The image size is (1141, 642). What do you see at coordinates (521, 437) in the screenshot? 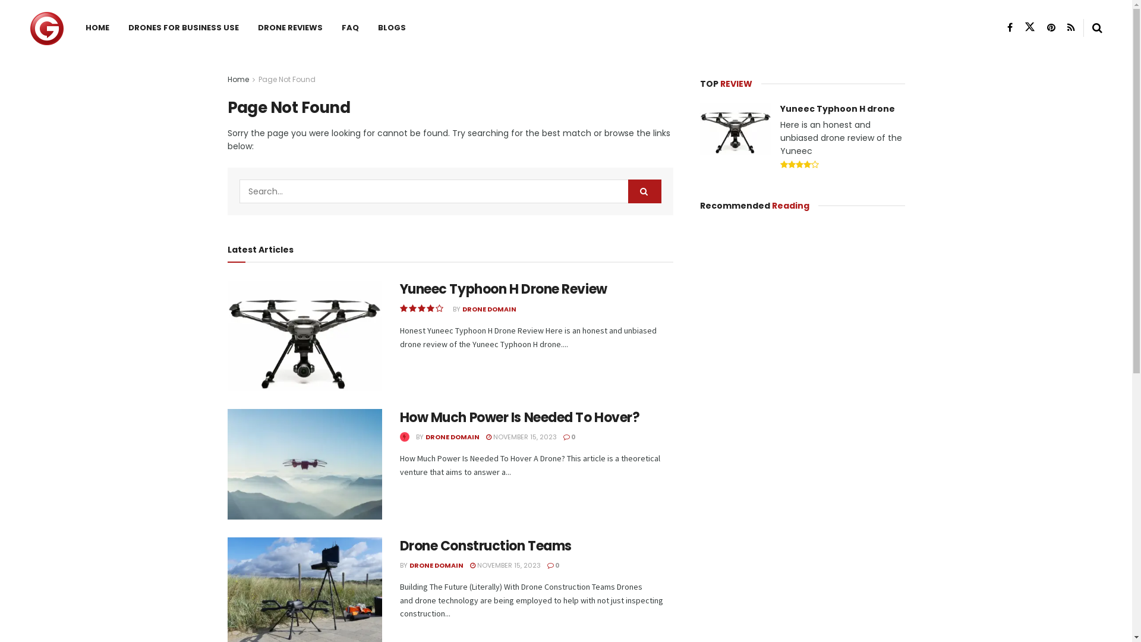
I see `'NOVEMBER 15, 2023'` at bounding box center [521, 437].